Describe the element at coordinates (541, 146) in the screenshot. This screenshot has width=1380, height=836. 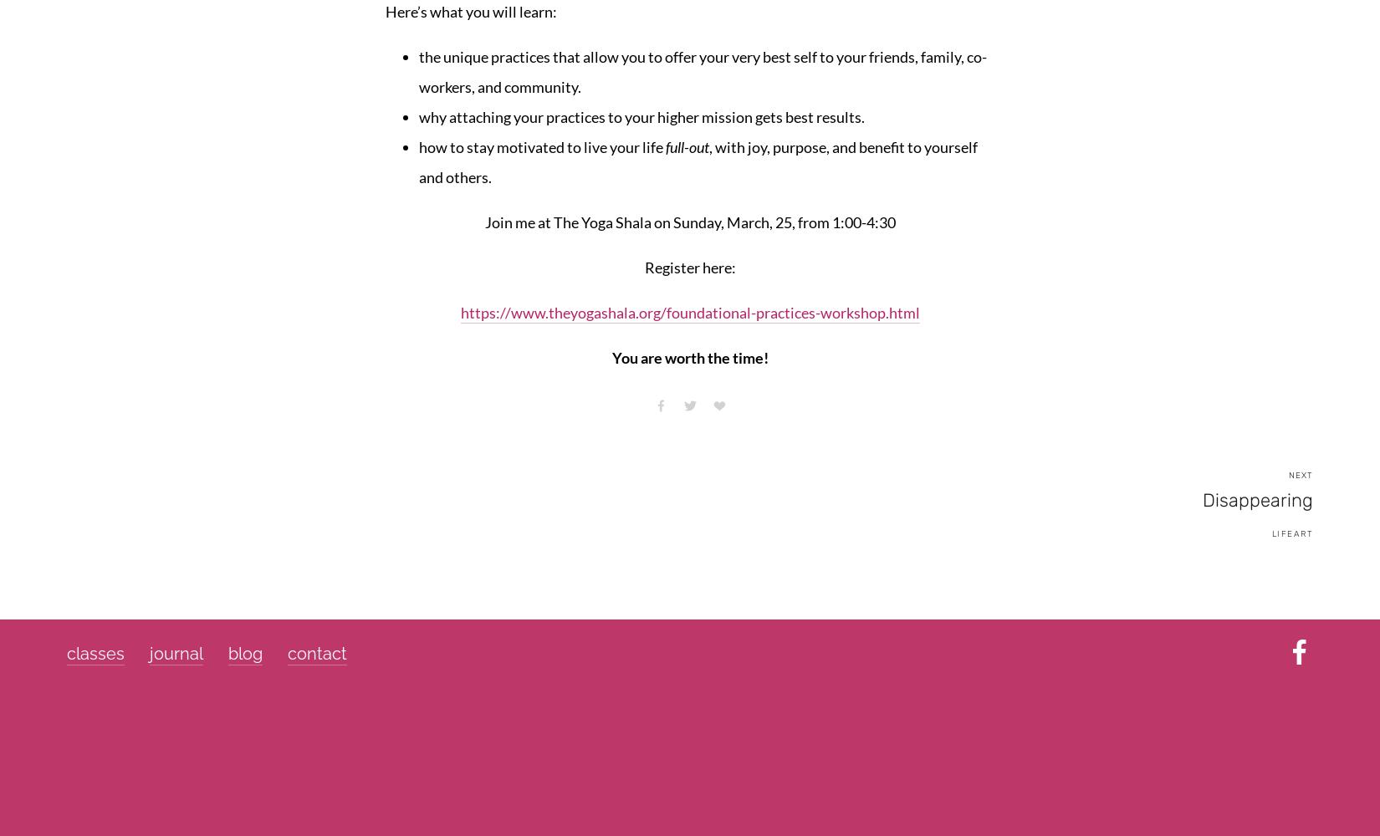
I see `'how to stay motivated to live your life'` at that location.